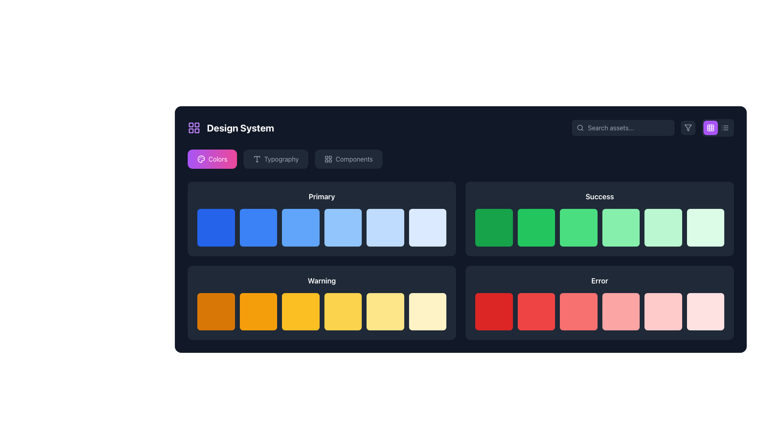  I want to click on the filter icon button located, so click(688, 127).